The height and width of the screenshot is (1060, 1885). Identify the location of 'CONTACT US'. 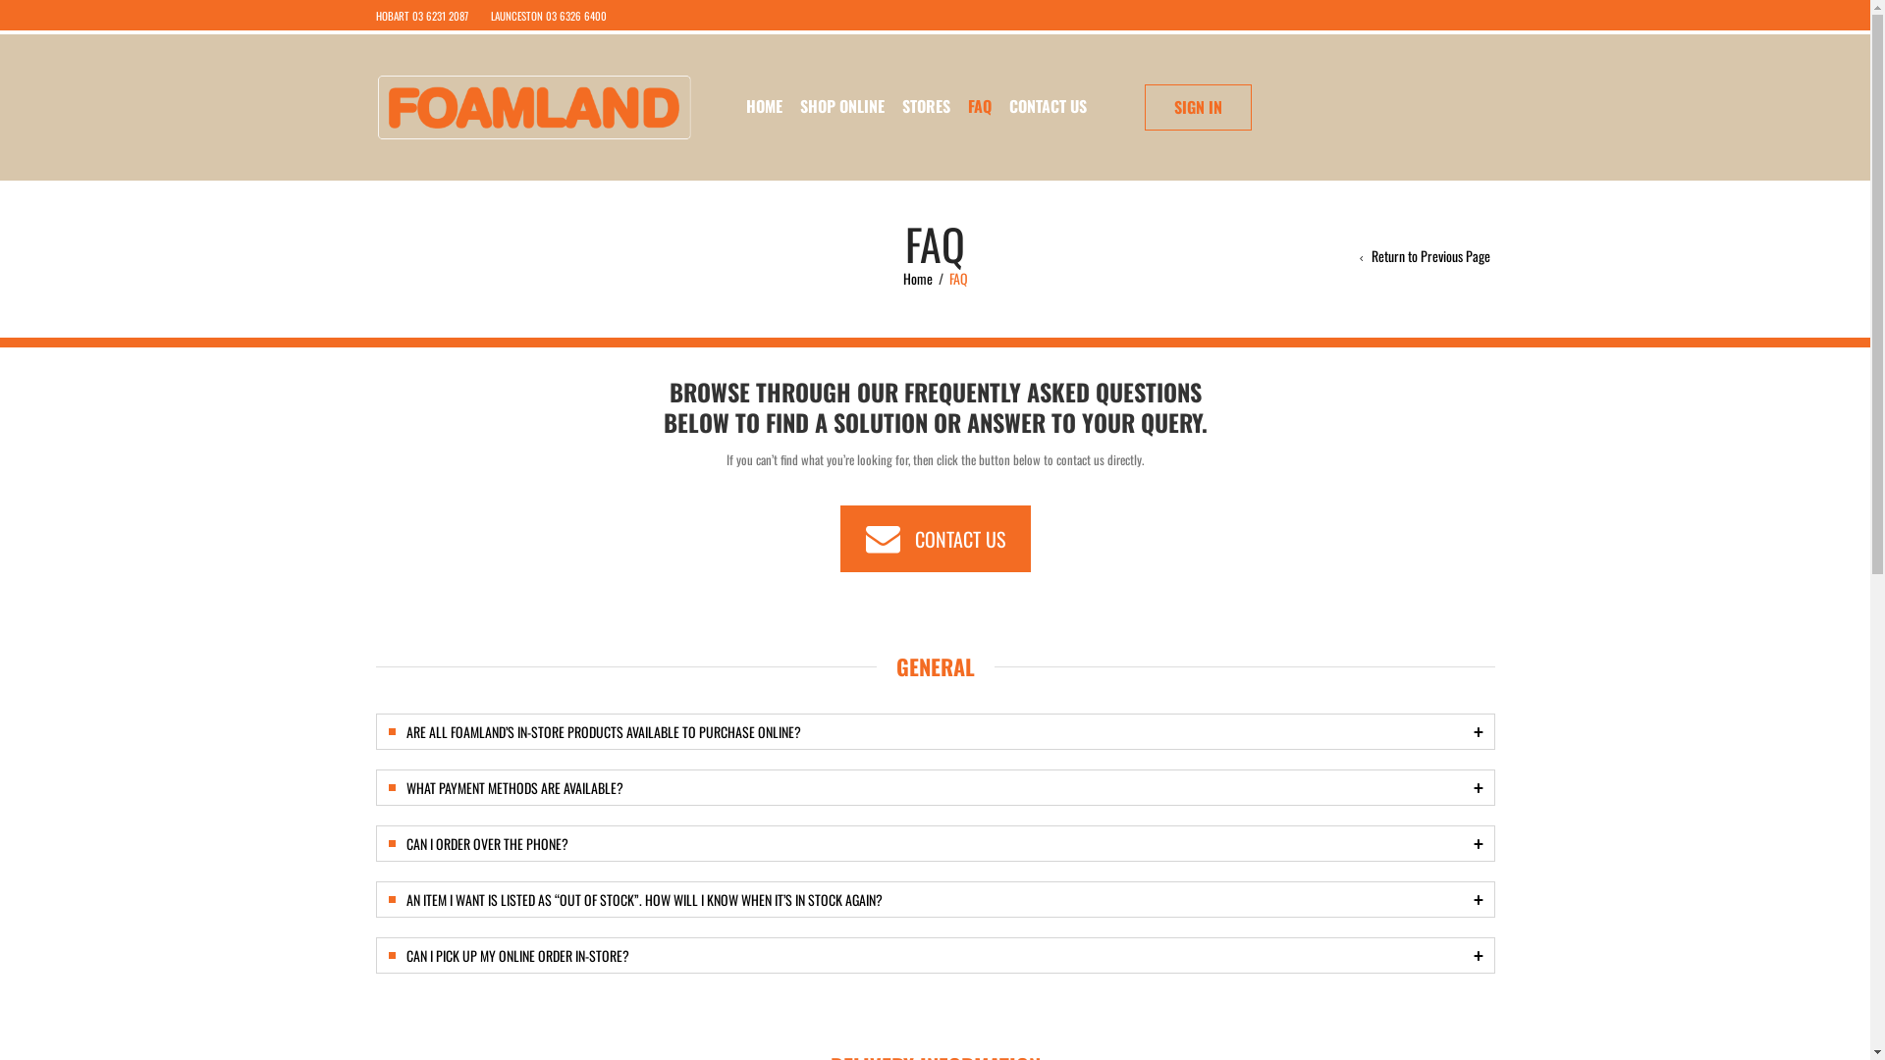
(1047, 106).